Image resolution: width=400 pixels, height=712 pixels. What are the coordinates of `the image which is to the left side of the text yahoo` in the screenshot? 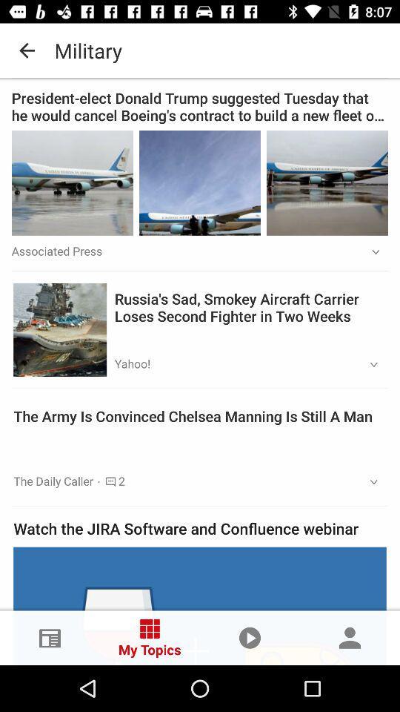 It's located at (59, 329).